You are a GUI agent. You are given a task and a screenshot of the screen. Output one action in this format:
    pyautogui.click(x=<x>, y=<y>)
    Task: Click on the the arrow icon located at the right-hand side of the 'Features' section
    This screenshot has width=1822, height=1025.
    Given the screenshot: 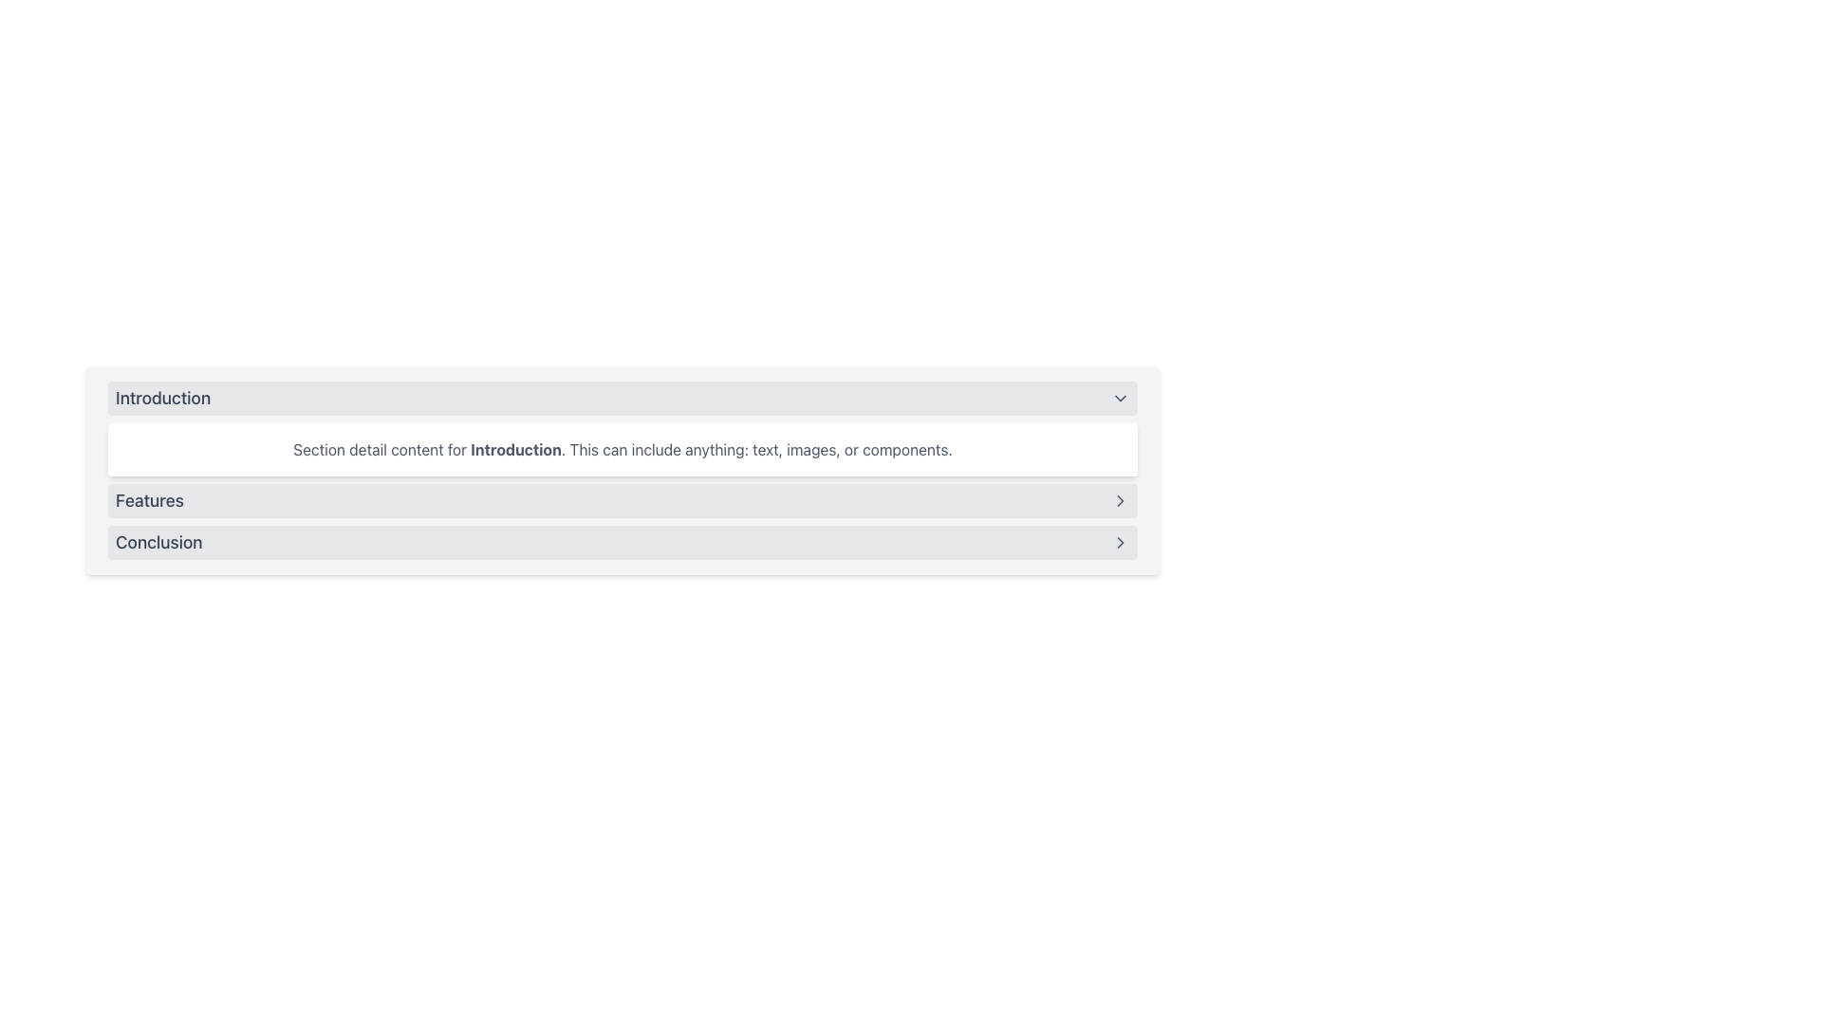 What is the action you would take?
    pyautogui.click(x=1120, y=542)
    